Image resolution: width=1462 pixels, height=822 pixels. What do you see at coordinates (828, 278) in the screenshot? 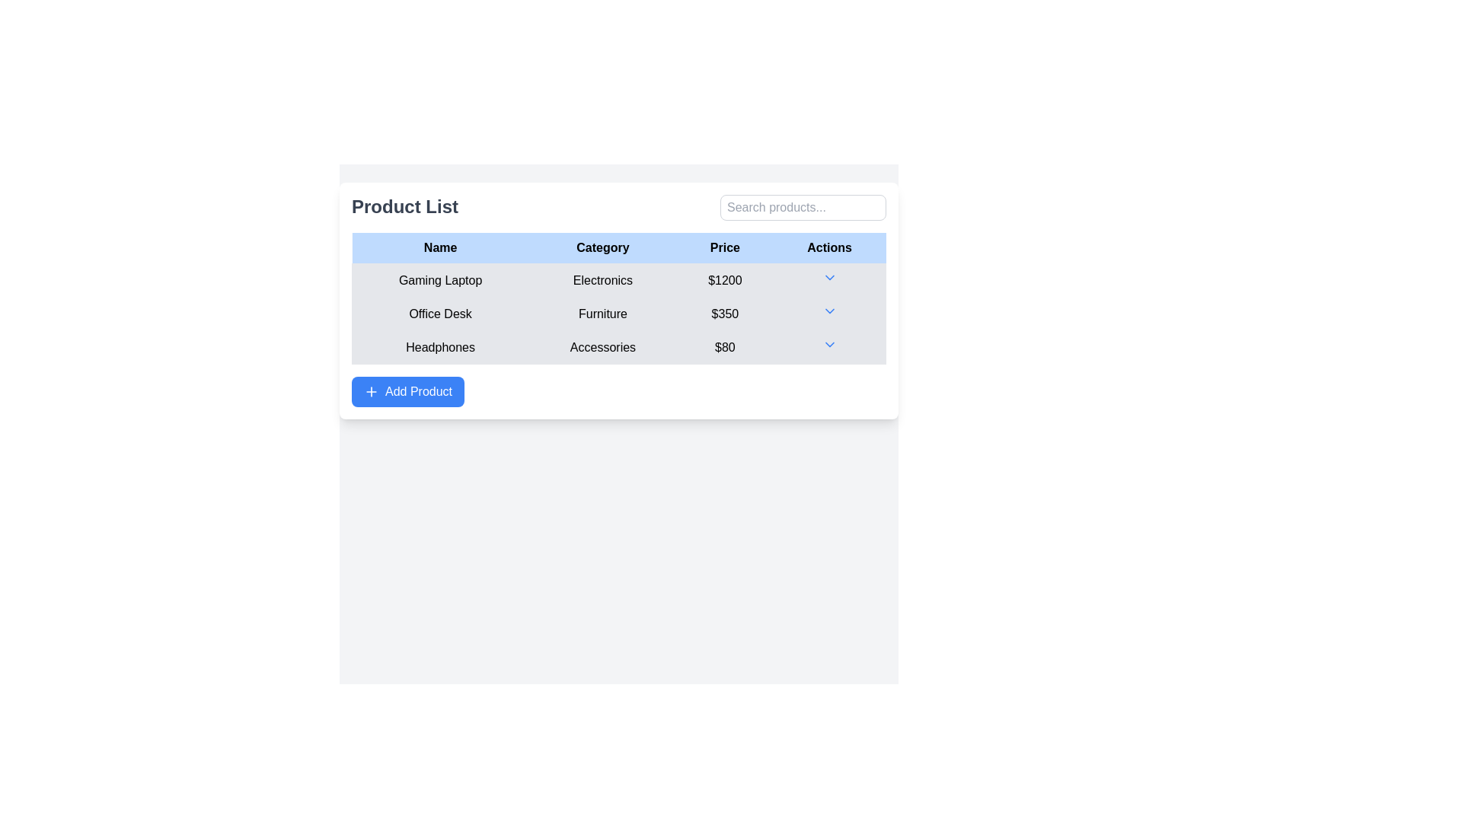
I see `the downward-facing chevron icon` at bounding box center [828, 278].